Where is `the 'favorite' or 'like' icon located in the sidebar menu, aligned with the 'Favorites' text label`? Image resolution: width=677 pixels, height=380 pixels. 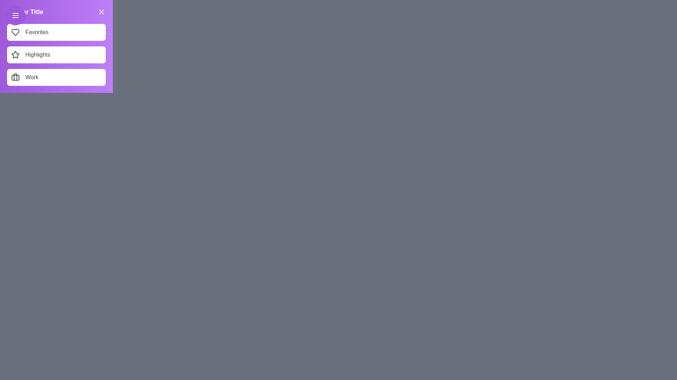
the 'favorite' or 'like' icon located in the sidebar menu, aligned with the 'Favorites' text label is located at coordinates (15, 32).